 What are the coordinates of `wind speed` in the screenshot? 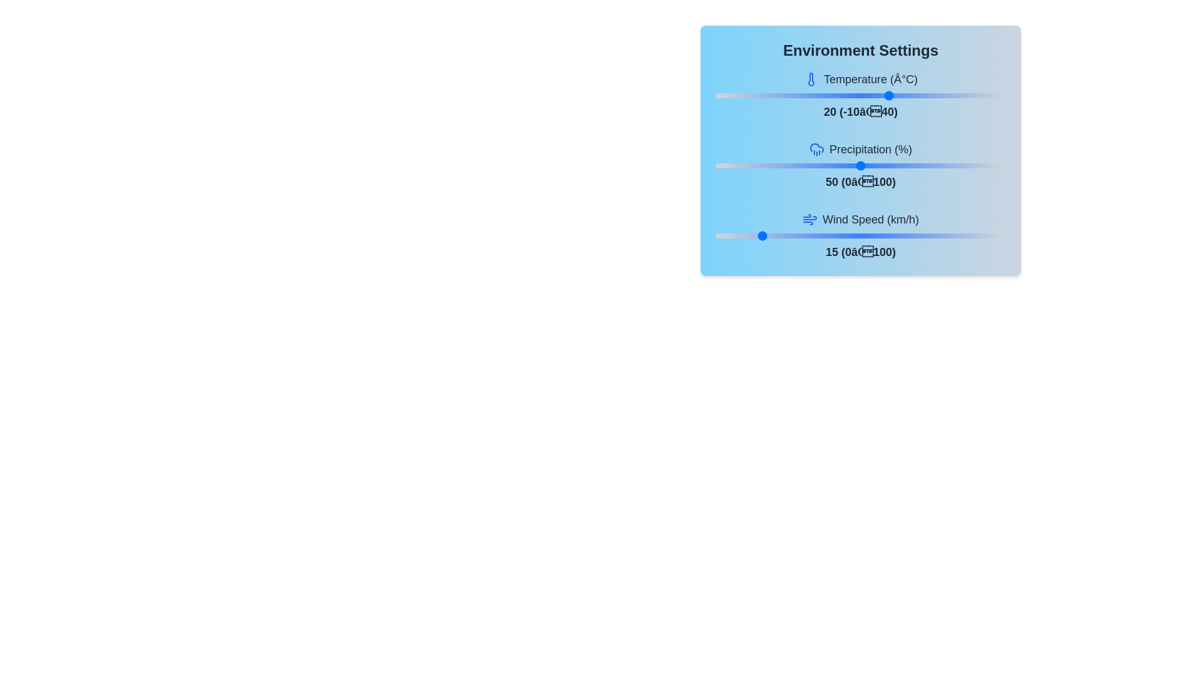 It's located at (739, 236).